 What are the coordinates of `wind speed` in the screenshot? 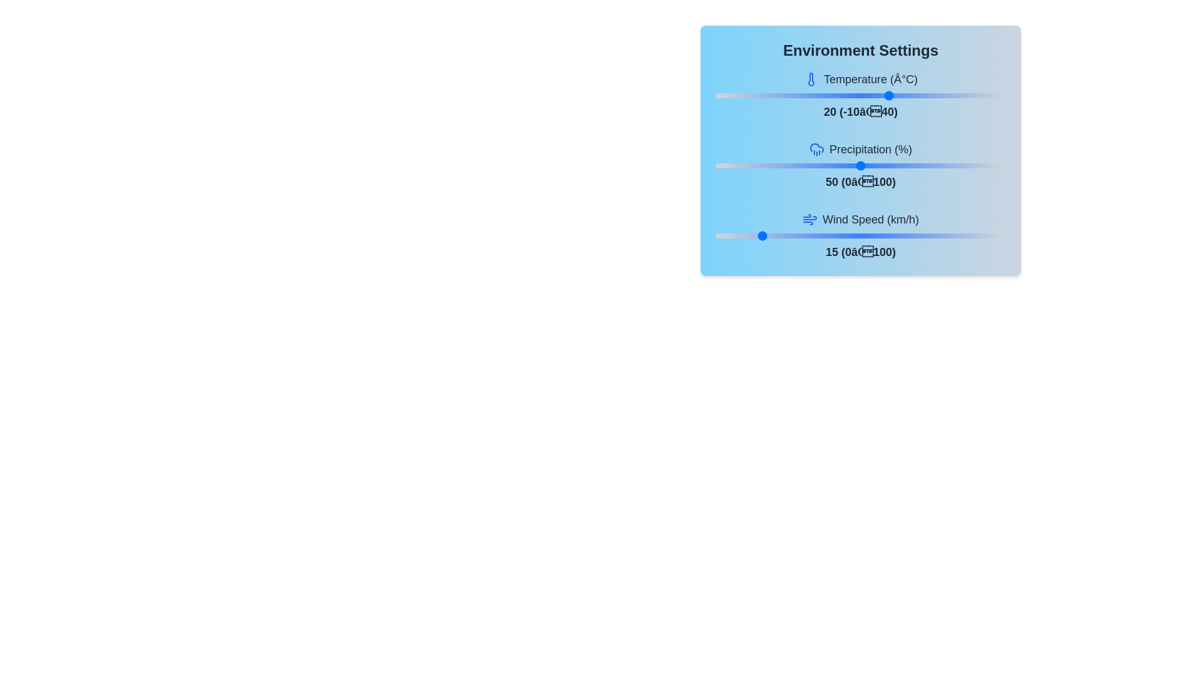 It's located at (739, 236).